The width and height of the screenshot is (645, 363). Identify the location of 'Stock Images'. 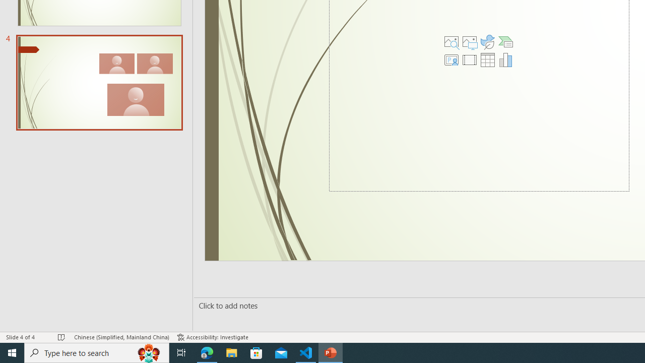
(451, 41).